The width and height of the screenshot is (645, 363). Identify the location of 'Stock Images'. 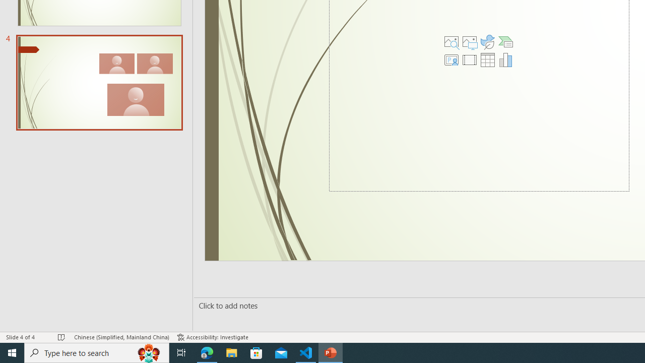
(451, 41).